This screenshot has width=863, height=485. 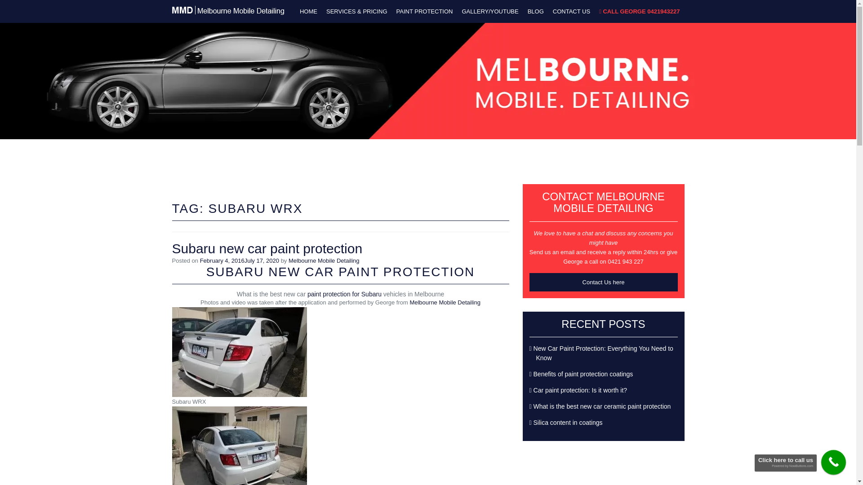 What do you see at coordinates (567, 423) in the screenshot?
I see `'Silica content in coatings'` at bounding box center [567, 423].